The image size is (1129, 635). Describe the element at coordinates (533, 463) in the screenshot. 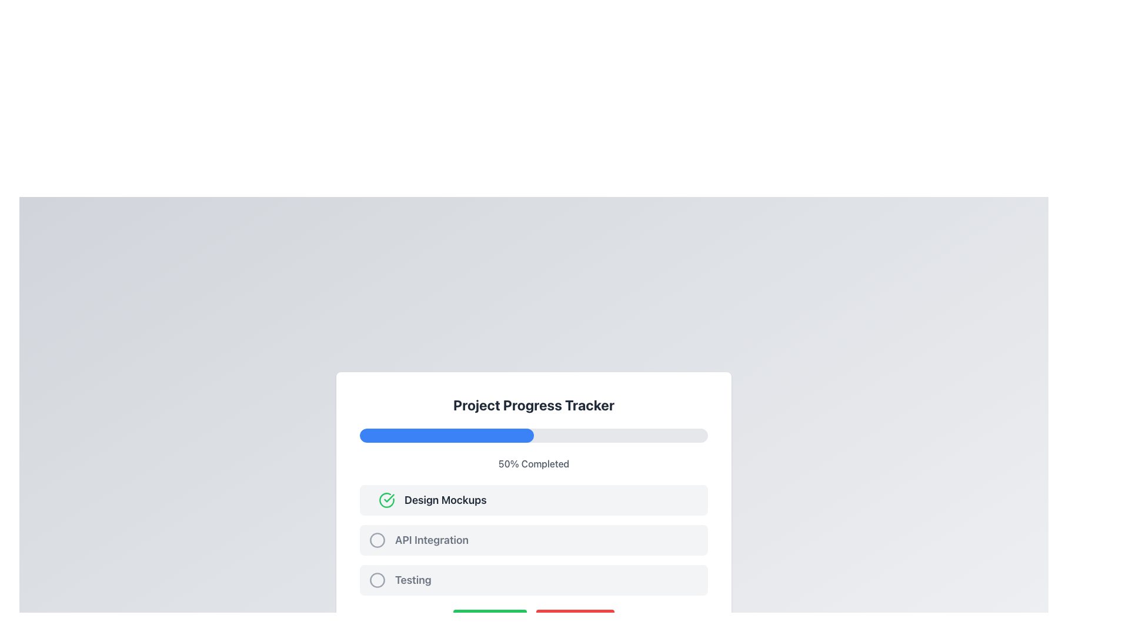

I see `the static text displaying '50% Completed', which is positioned below the progress bar in the 'Project Progress Tracker' section` at that location.